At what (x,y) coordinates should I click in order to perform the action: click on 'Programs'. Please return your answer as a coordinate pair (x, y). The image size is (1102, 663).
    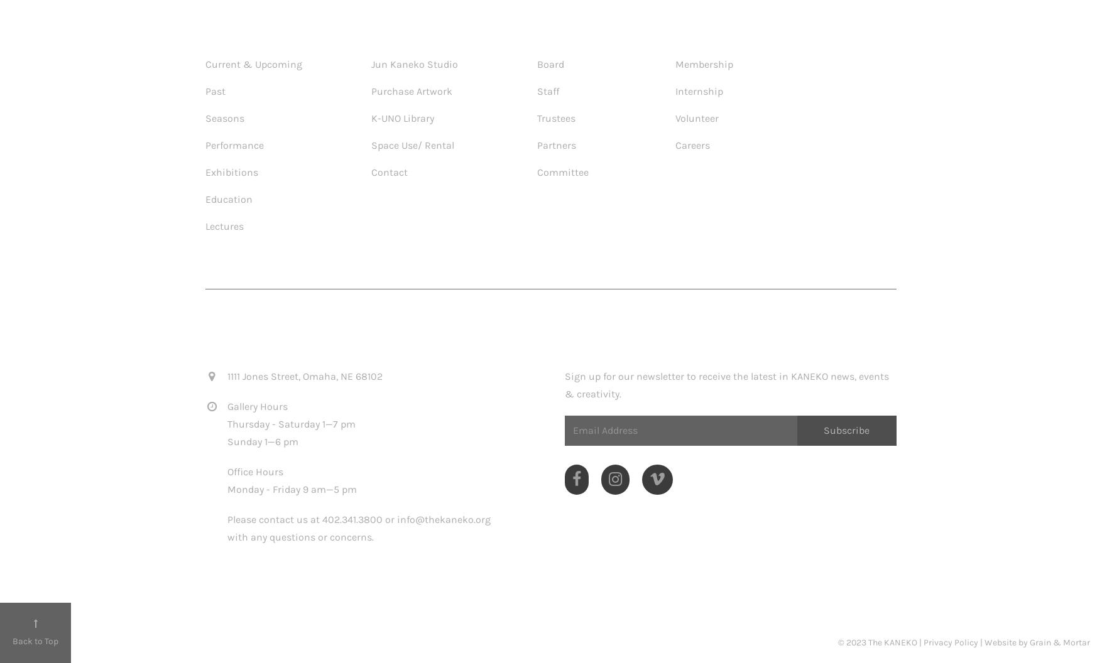
    Looking at the image, I should click on (237, 30).